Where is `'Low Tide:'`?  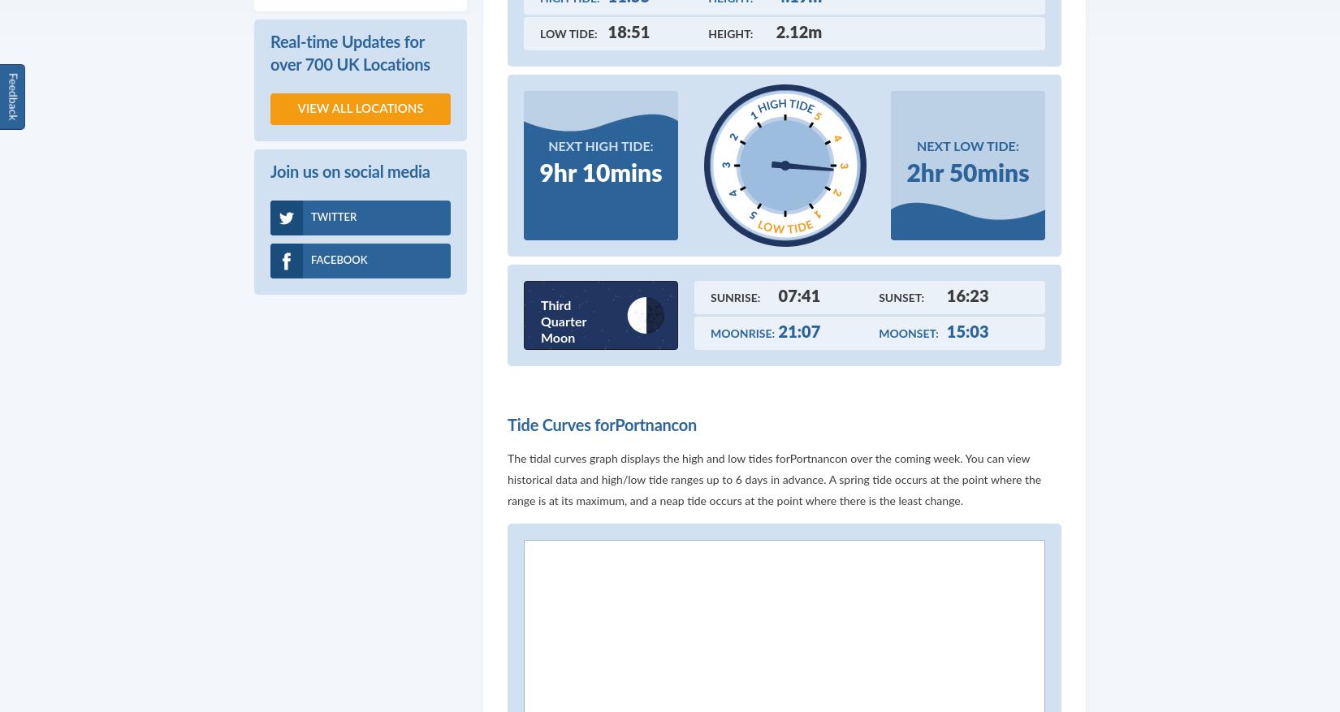
'Low Tide:' is located at coordinates (567, 33).